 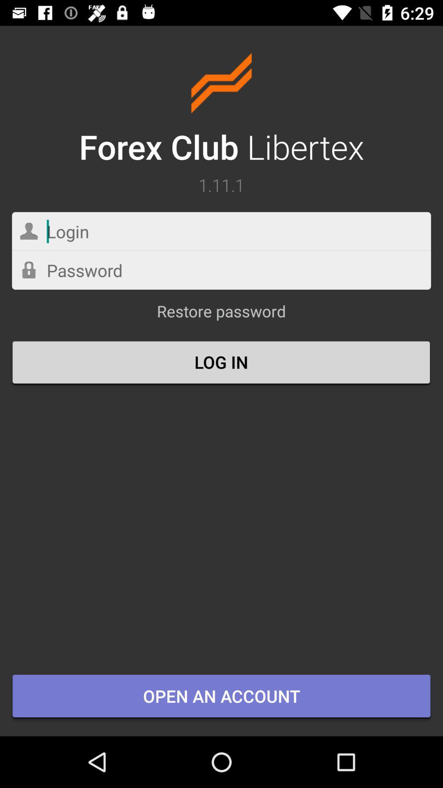 What do you see at coordinates (221, 696) in the screenshot?
I see `open an account` at bounding box center [221, 696].